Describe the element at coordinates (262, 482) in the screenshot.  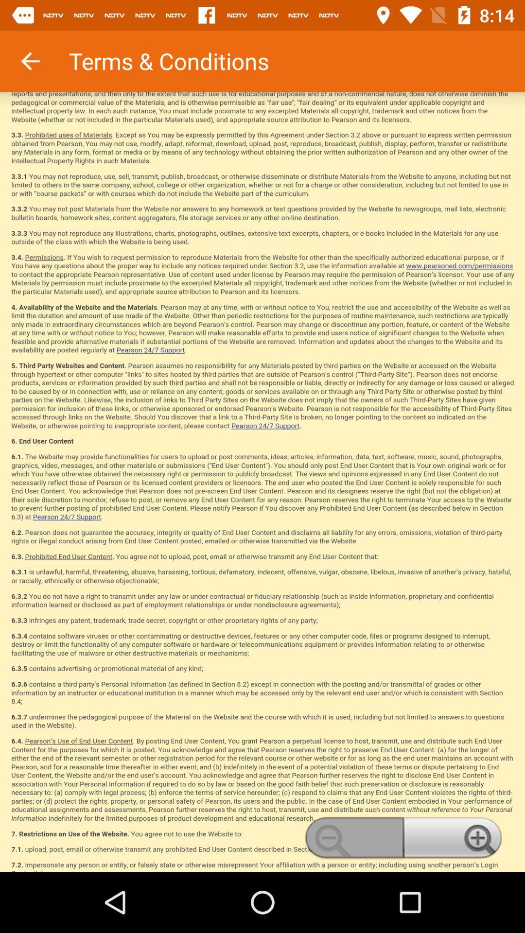
I see `read the terms and conditions` at that location.